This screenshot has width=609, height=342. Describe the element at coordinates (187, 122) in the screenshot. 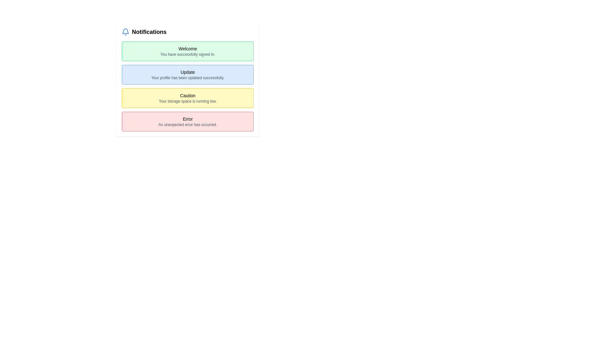

I see `message from the notification card with a red background and a bold heading labeled 'Error', located in the fourth position of the notification list` at that location.